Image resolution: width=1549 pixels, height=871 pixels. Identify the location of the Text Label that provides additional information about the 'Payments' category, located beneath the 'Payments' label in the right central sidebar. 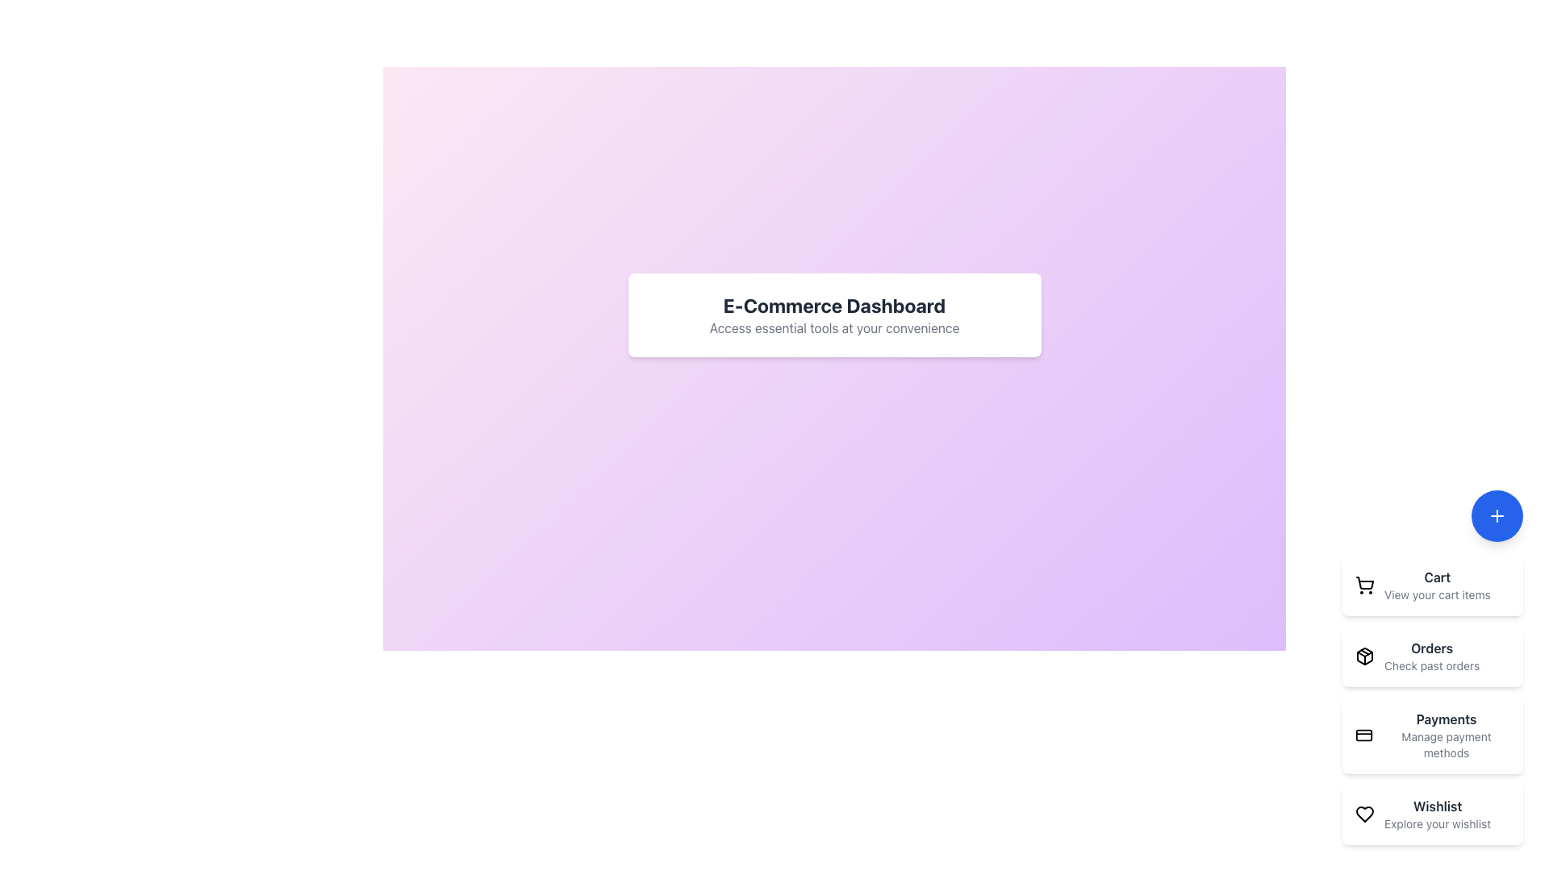
(1447, 745).